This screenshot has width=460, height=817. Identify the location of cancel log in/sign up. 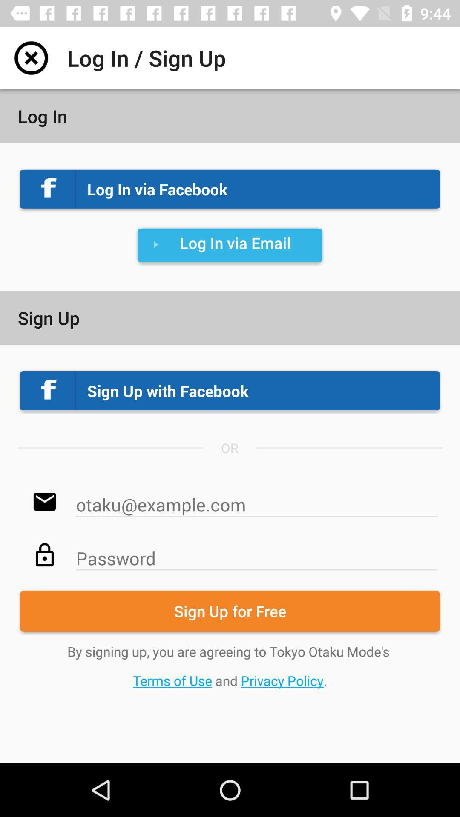
(31, 57).